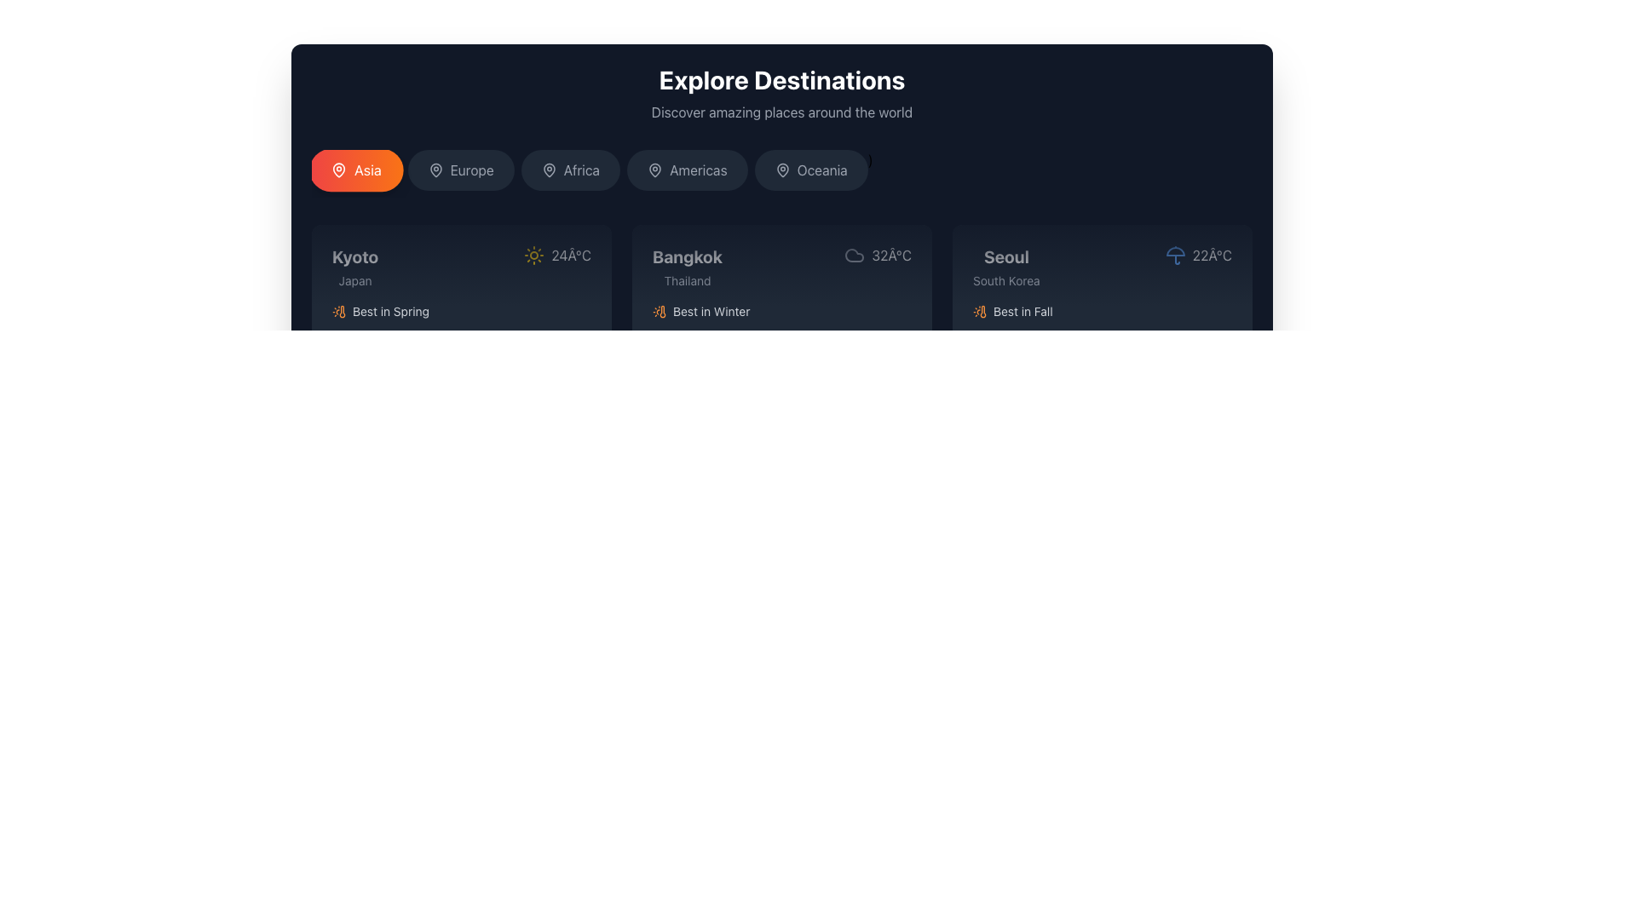  What do you see at coordinates (557, 256) in the screenshot?
I see `the Weather information indicator located in the top-right corner of the 'Kyoto, Japan' box to visually inspect the weather details` at bounding box center [557, 256].